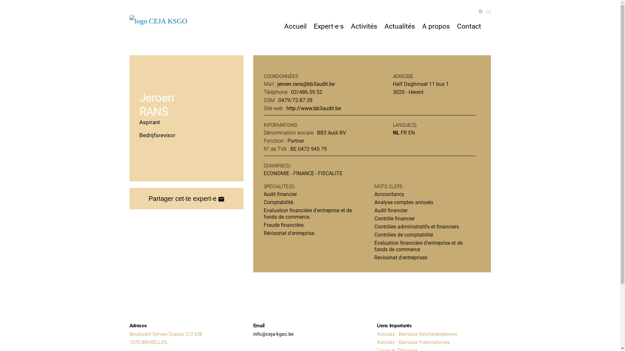 The image size is (625, 351). I want to click on 'A propos', so click(436, 26).